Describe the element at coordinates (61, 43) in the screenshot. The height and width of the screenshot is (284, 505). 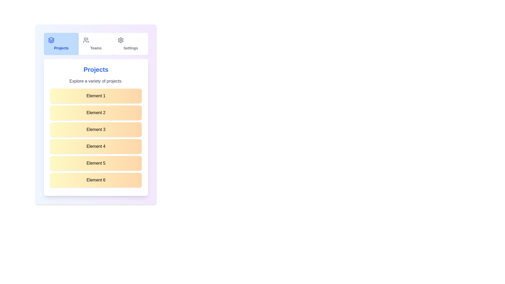
I see `the Projects tab` at that location.